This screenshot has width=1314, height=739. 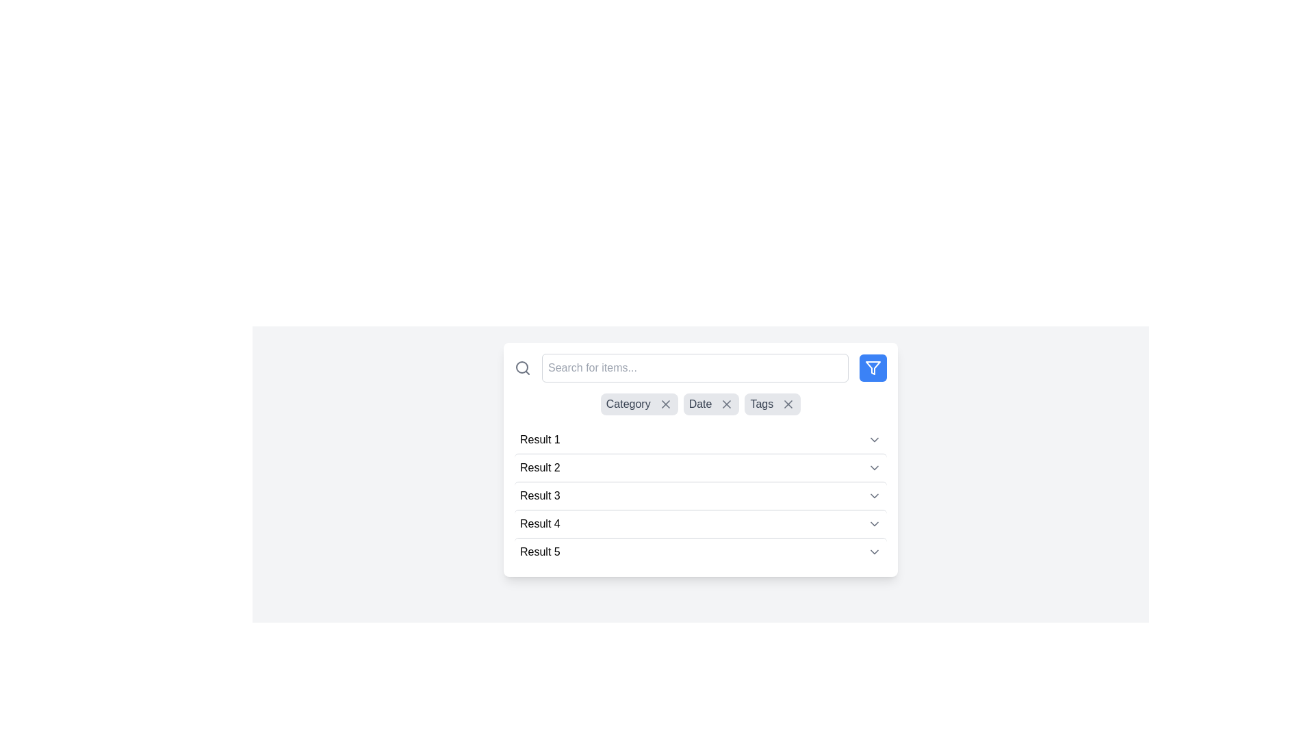 What do you see at coordinates (873, 440) in the screenshot?
I see `the SVG icon indicating a dropdown for the 'Result 1' entry` at bounding box center [873, 440].